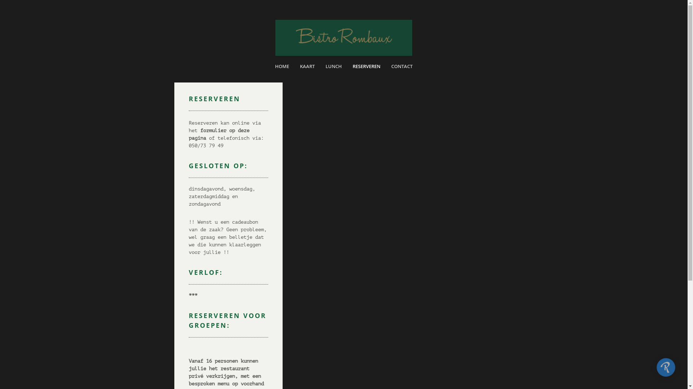  Describe the element at coordinates (333, 68) in the screenshot. I see `'LUNCH'` at that location.